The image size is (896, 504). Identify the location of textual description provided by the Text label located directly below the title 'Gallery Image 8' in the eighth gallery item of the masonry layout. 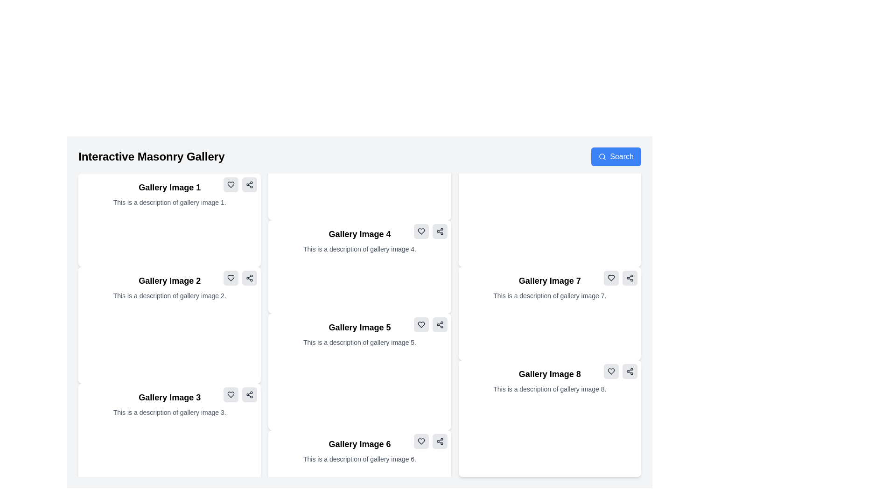
(550, 389).